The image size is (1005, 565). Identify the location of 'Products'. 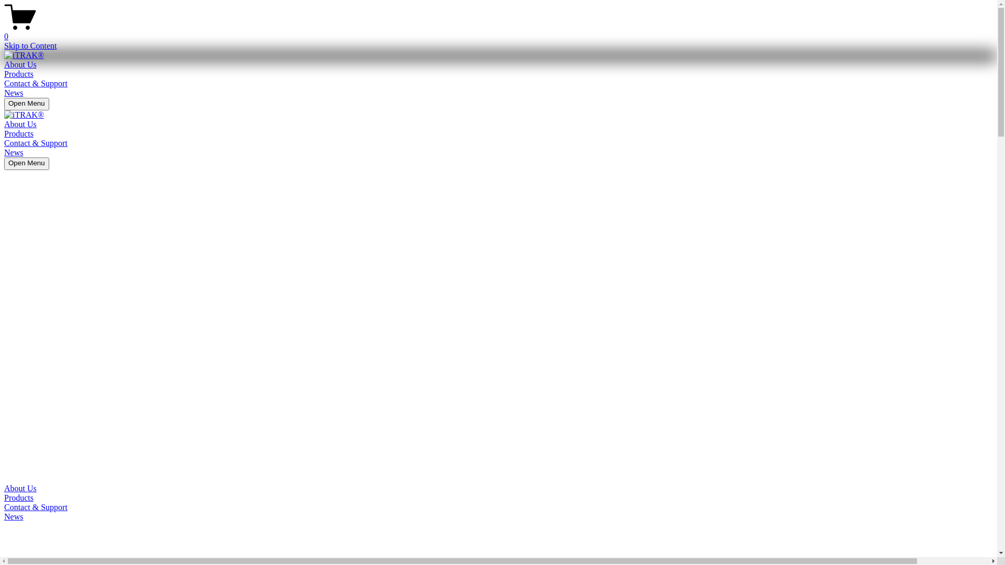
(18, 133).